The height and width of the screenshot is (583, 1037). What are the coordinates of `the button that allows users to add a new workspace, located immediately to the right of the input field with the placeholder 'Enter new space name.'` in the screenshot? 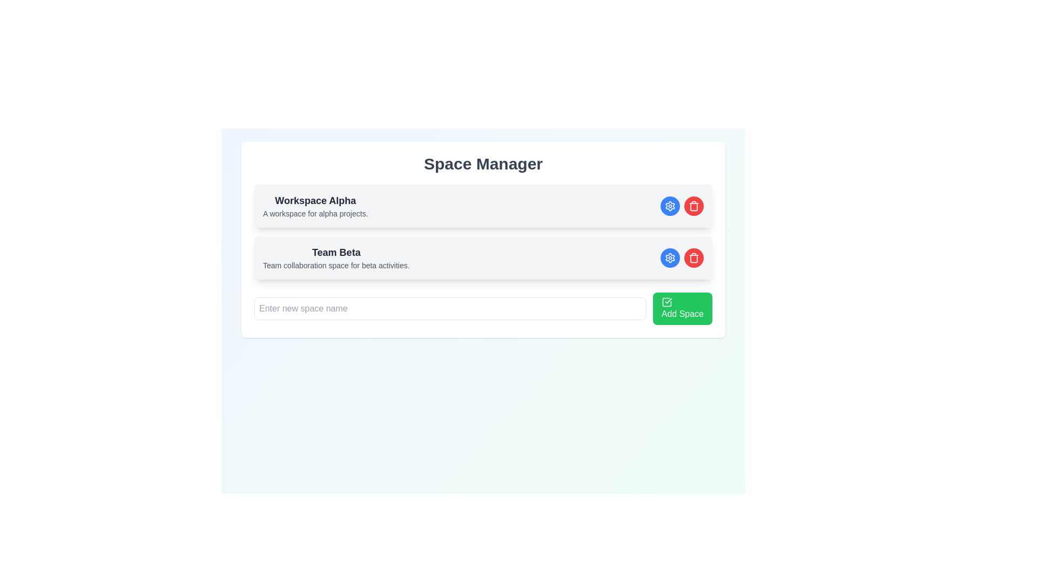 It's located at (682, 308).